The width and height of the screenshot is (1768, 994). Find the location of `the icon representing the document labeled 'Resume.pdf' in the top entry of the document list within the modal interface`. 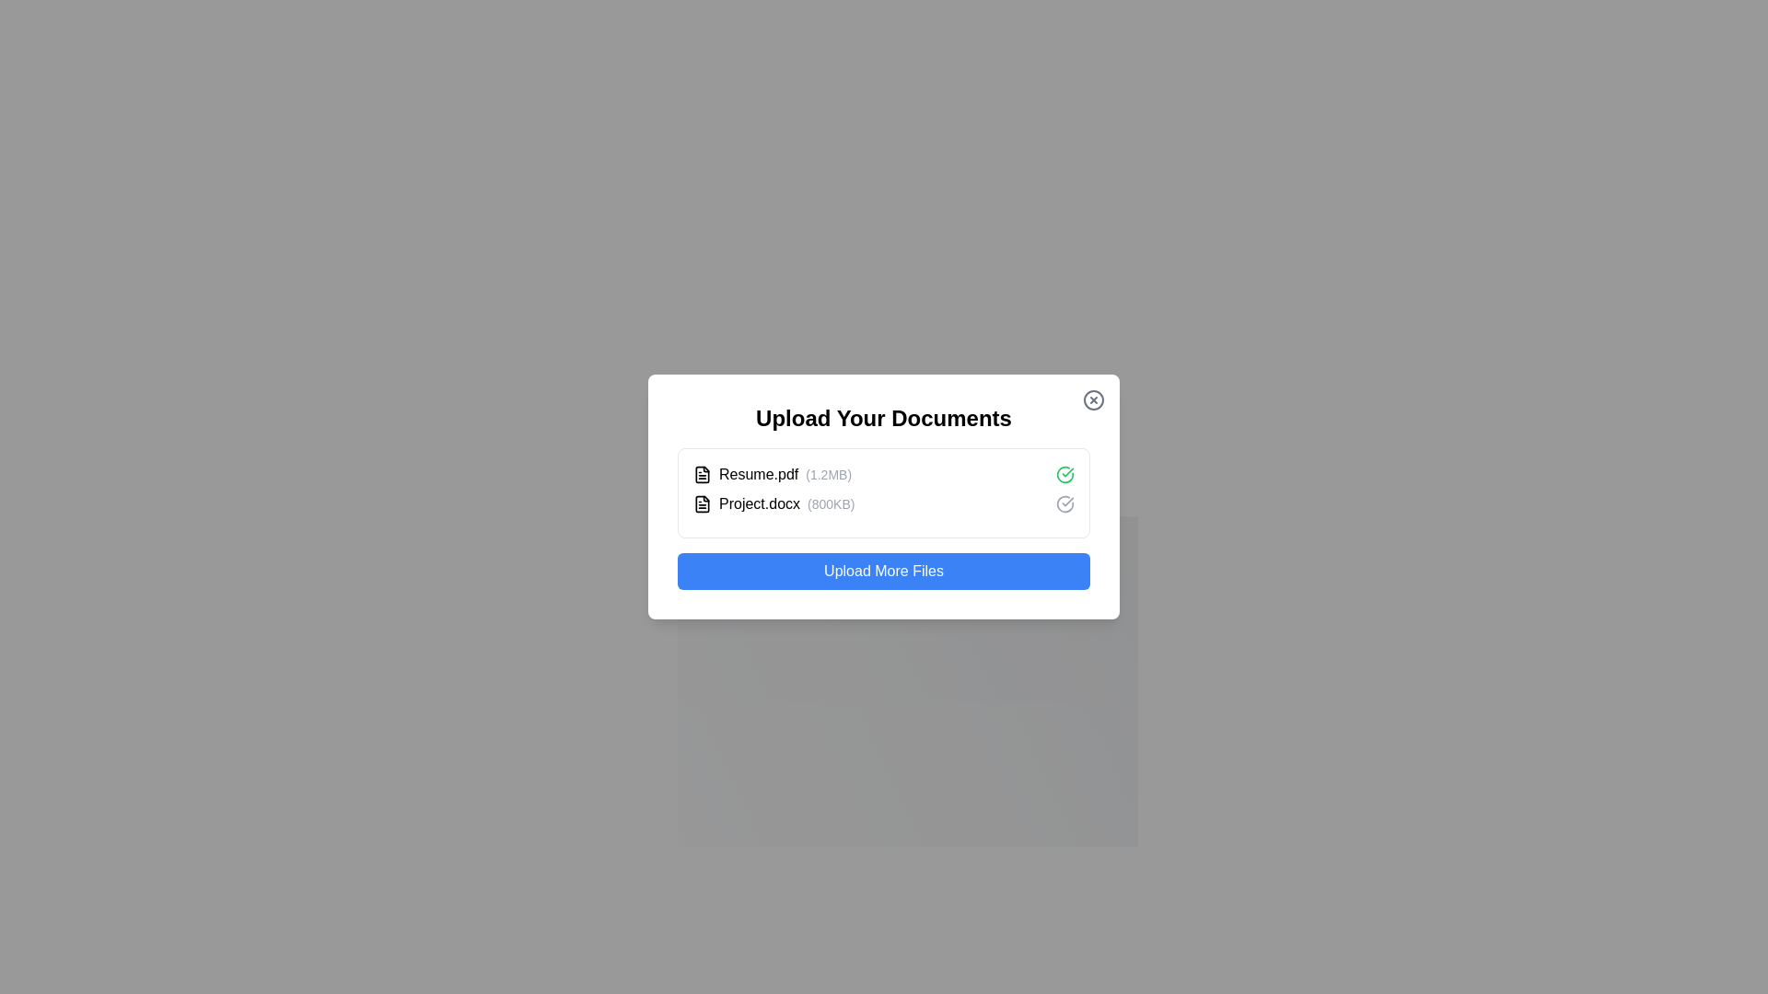

the icon representing the document labeled 'Resume.pdf' in the top entry of the document list within the modal interface is located at coordinates (702, 474).